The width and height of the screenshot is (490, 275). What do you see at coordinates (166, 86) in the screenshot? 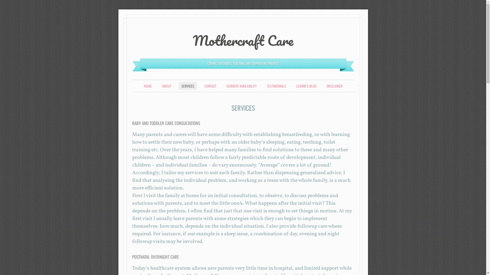
I see `'ABOUT'` at bounding box center [166, 86].